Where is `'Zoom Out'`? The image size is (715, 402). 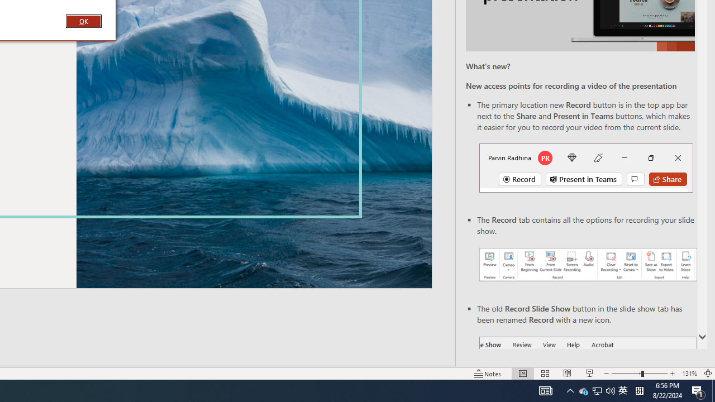
'Zoom Out' is located at coordinates (626, 374).